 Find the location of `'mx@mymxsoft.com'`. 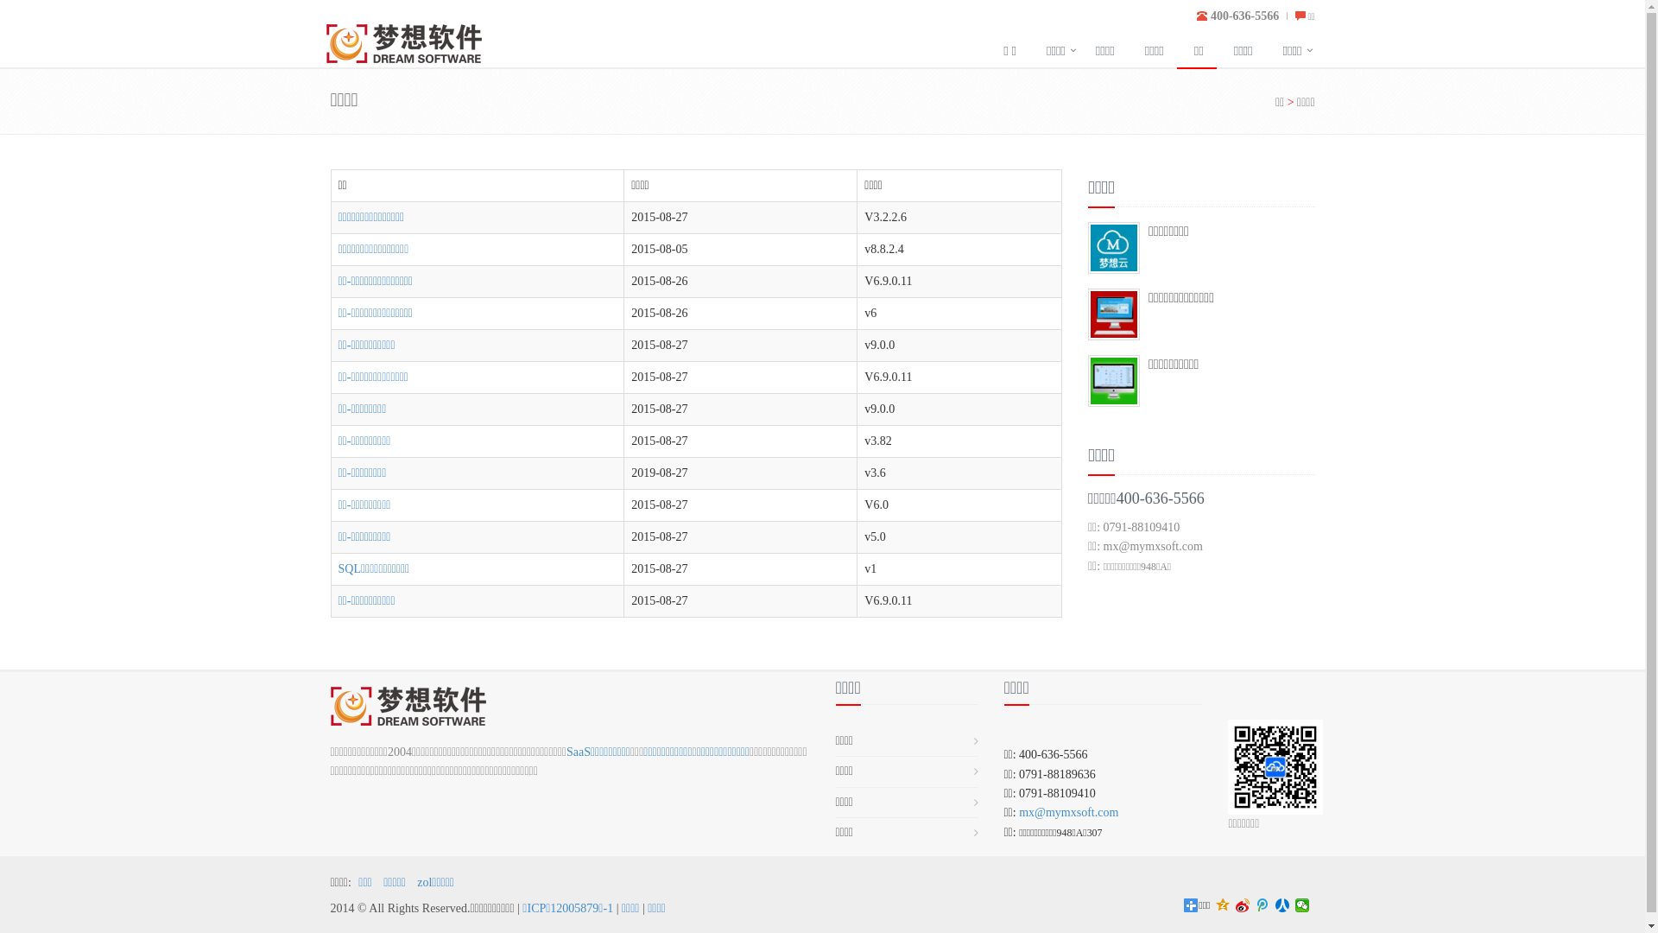

'mx@mymxsoft.com' is located at coordinates (1067, 812).